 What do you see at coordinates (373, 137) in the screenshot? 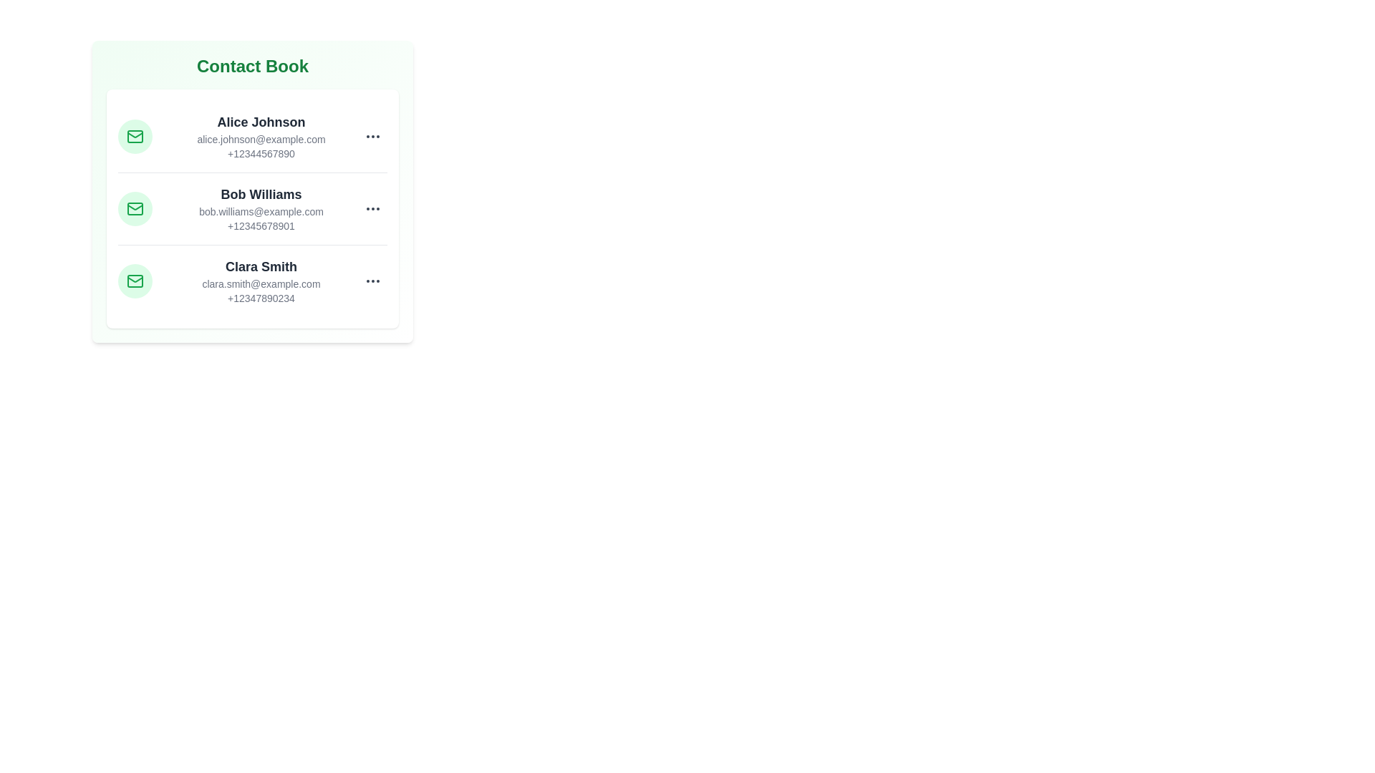
I see `'More' button for the contact Alice Johnson` at bounding box center [373, 137].